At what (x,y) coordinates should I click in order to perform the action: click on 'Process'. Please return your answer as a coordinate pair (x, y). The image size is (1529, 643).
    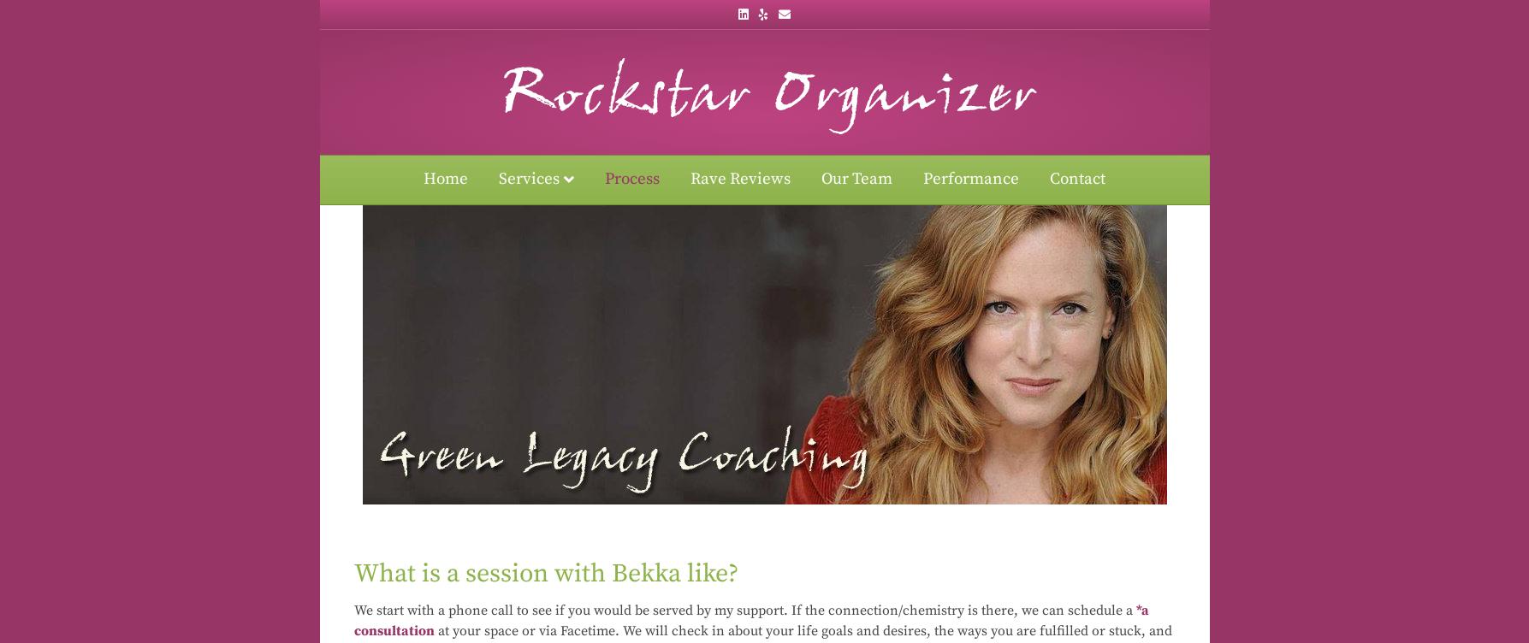
    Looking at the image, I should click on (631, 179).